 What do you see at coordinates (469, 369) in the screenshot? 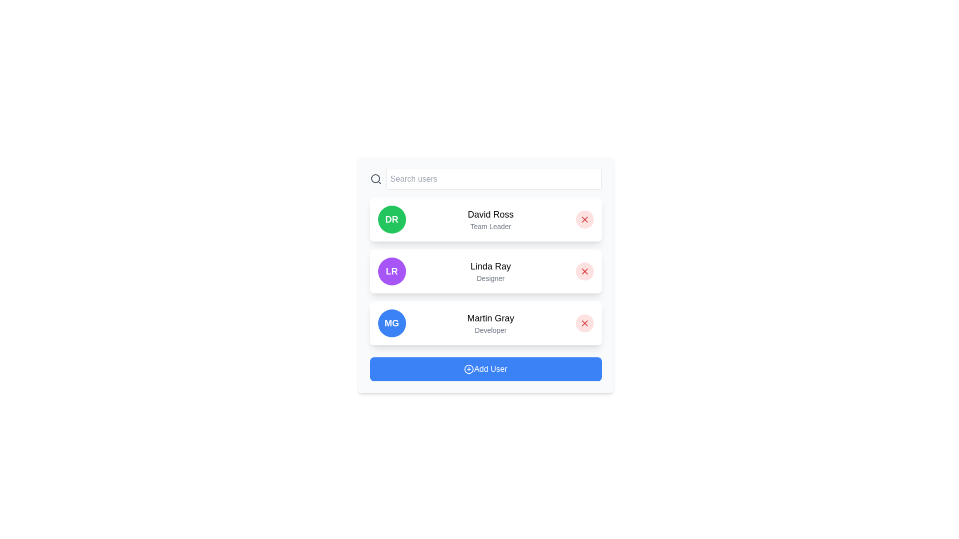
I see `the circular 'Add User' button element, which has a thin border and is styled as an interactive button` at bounding box center [469, 369].